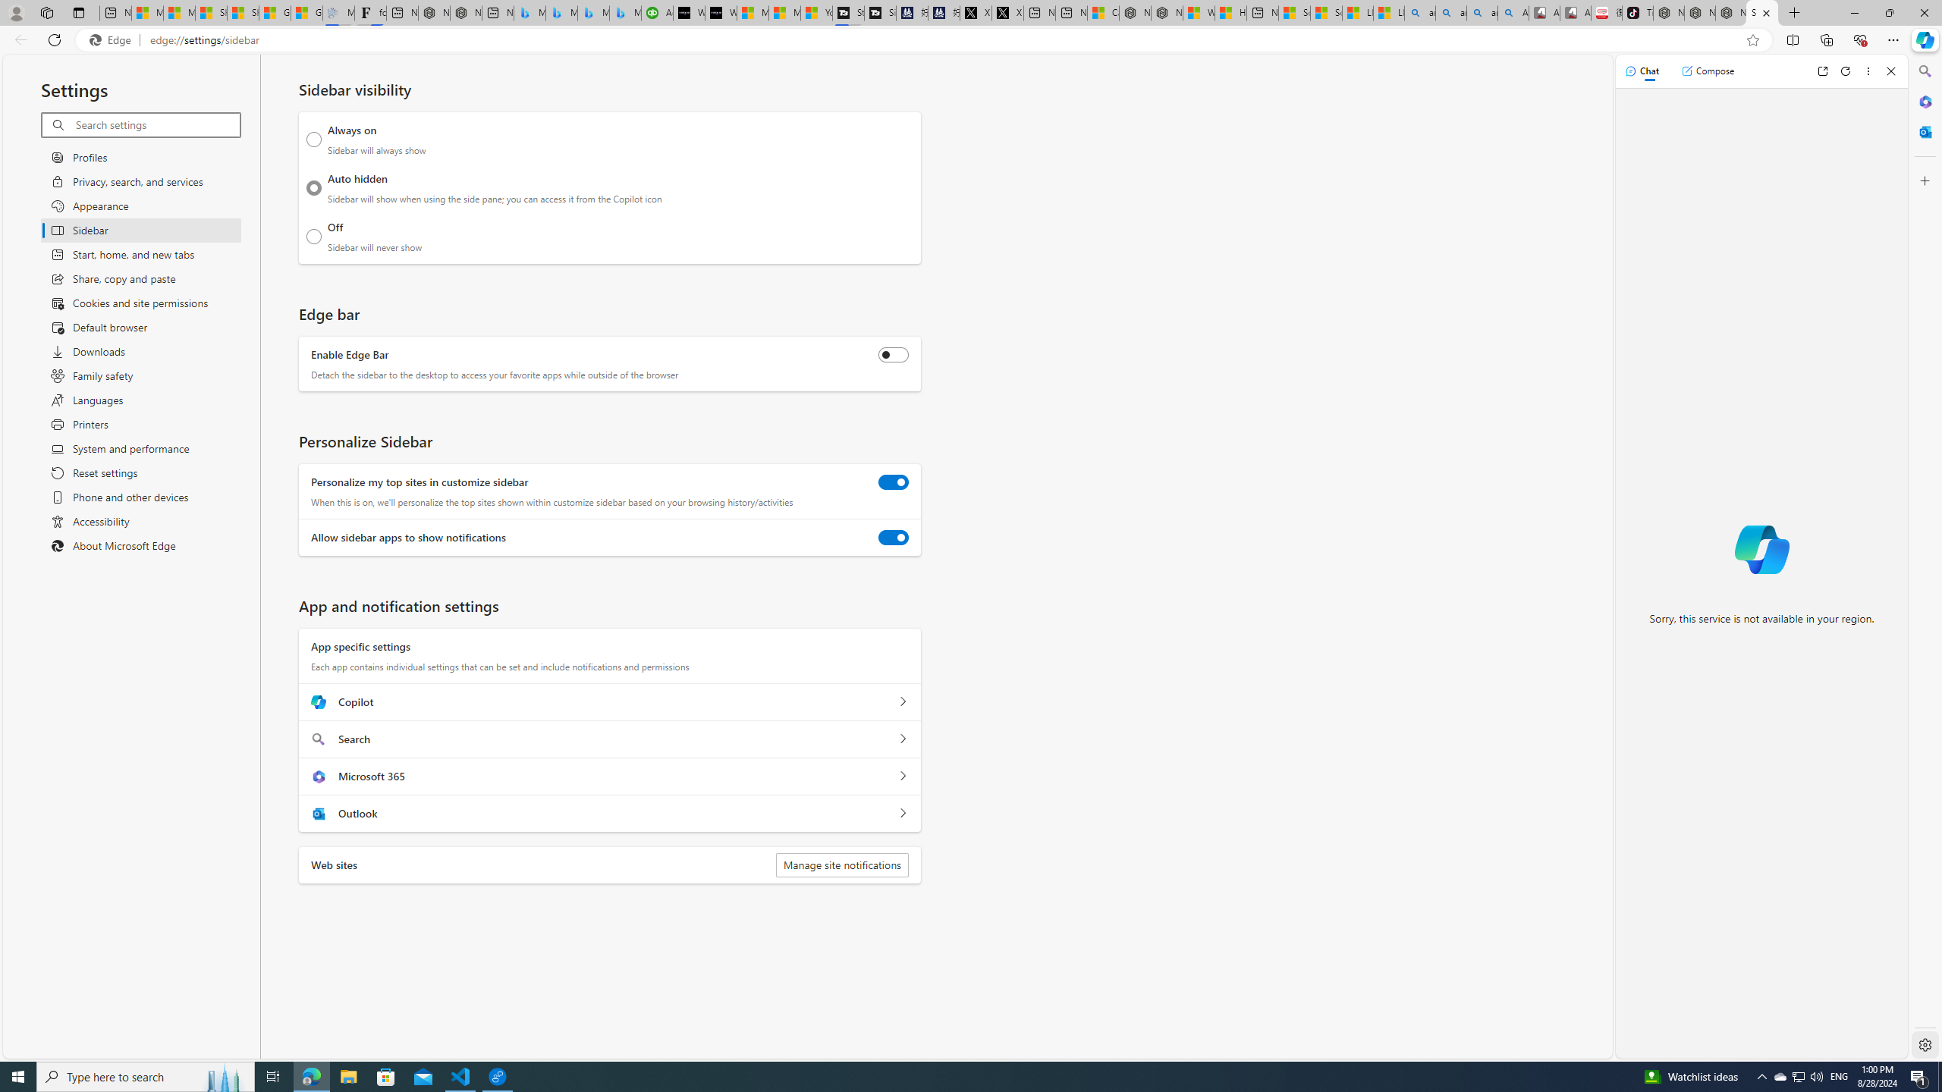 The width and height of the screenshot is (1942, 1092). What do you see at coordinates (893, 354) in the screenshot?
I see `'Enable Edge Bar'` at bounding box center [893, 354].